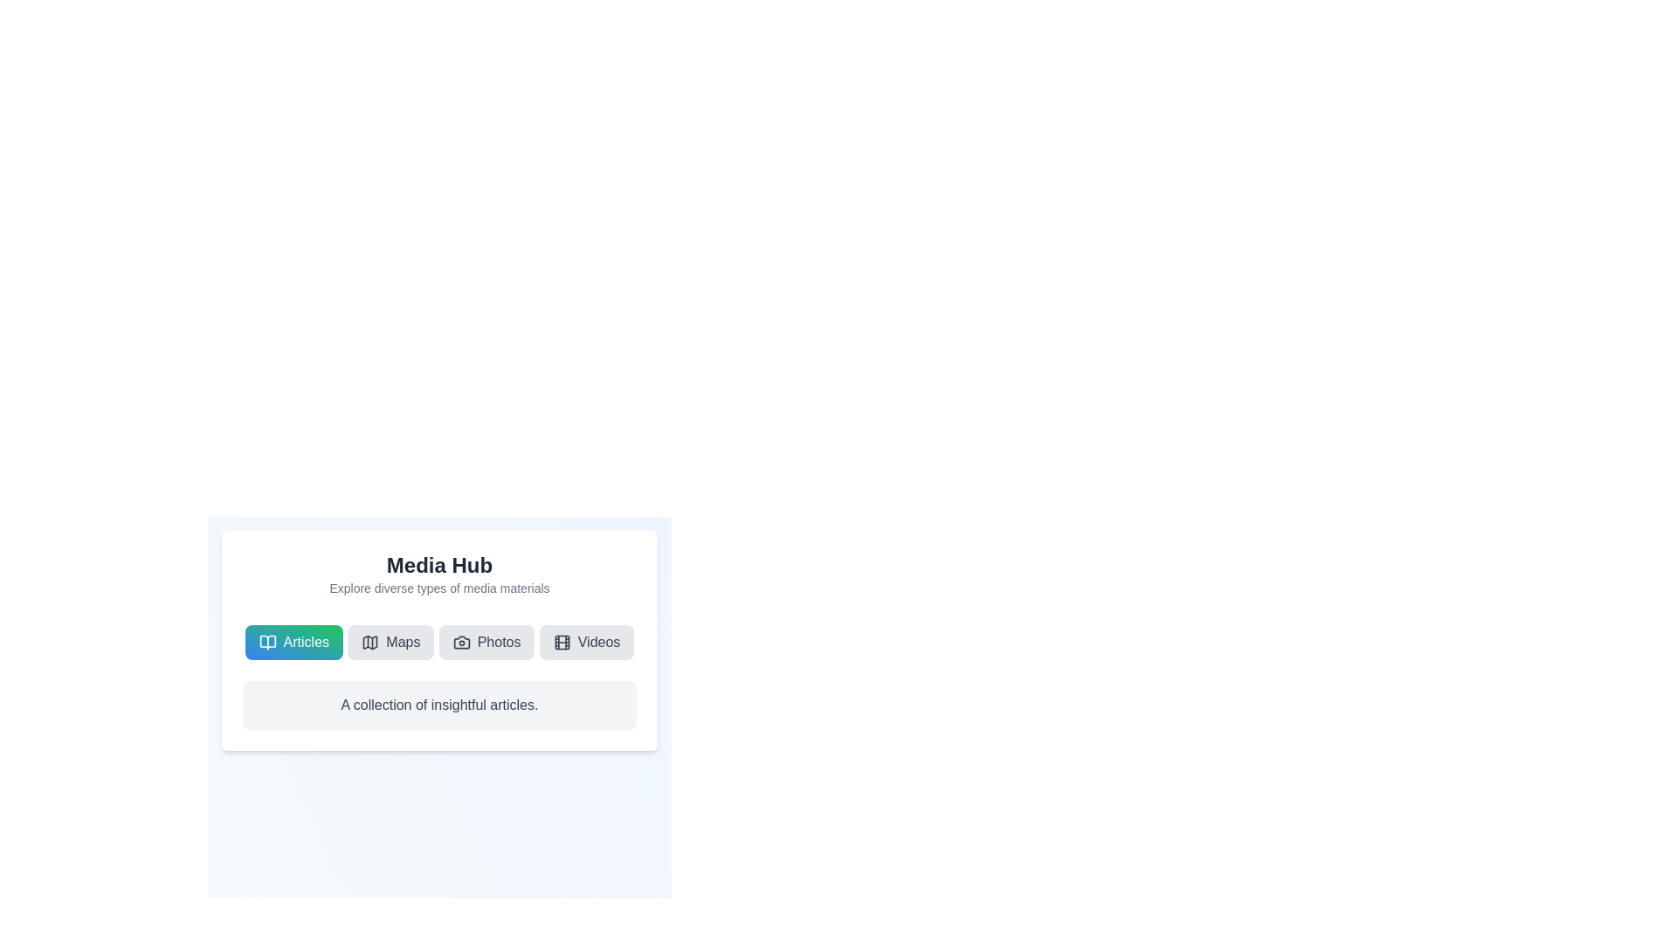  Describe the element at coordinates (562, 643) in the screenshot. I see `the film icon from the 'lucide' library, which is the leftmost component inside the 'Videos' button in the Media Hub section` at that location.